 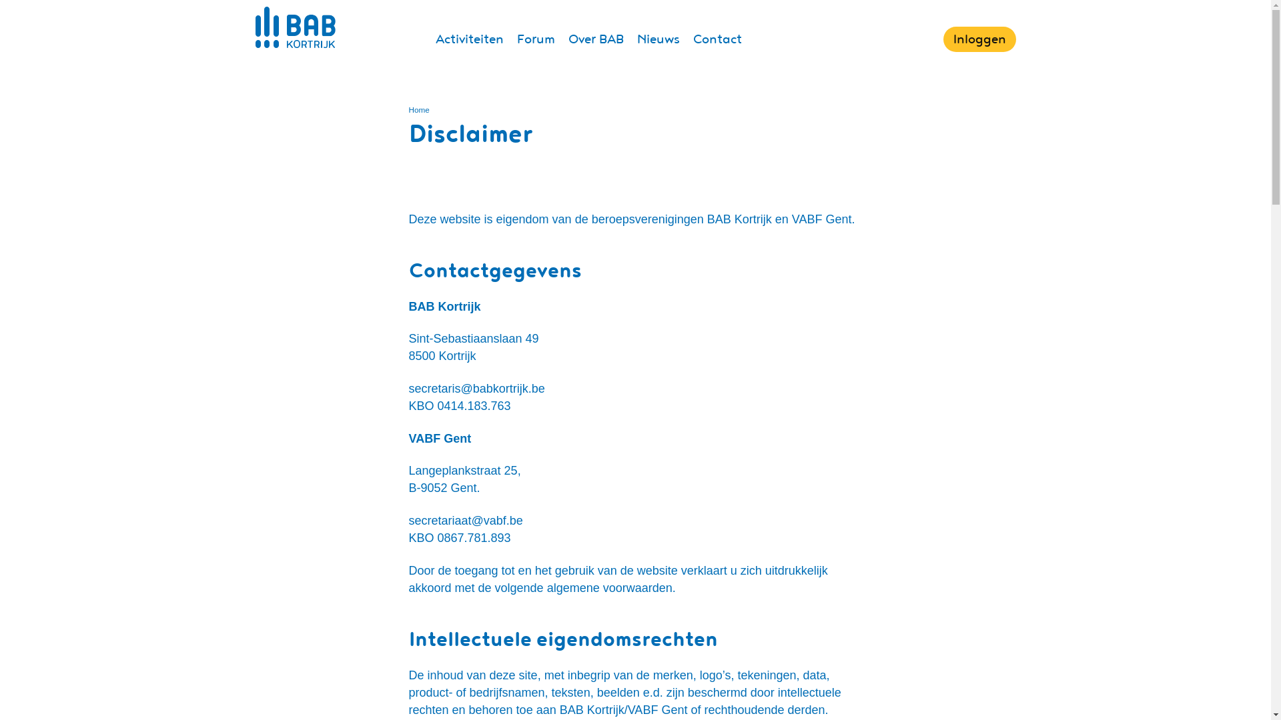 What do you see at coordinates (0, 0) in the screenshot?
I see `'Overslaan en naar de inhoud gaan'` at bounding box center [0, 0].